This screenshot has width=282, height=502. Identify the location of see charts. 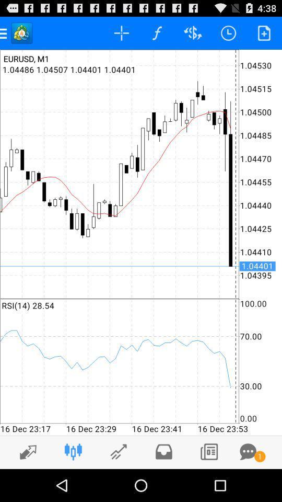
(118, 451).